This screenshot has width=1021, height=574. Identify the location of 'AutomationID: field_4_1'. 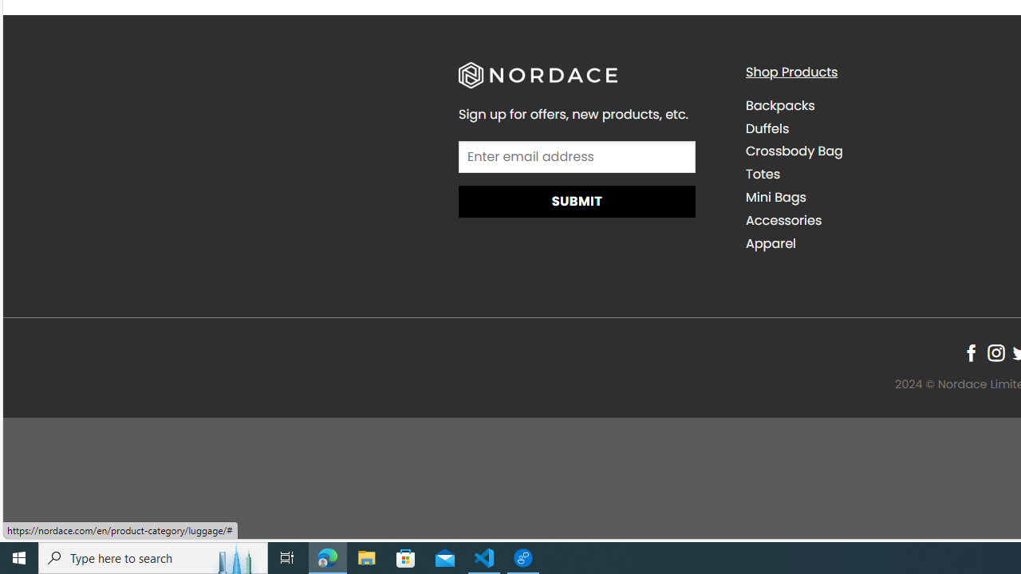
(576, 159).